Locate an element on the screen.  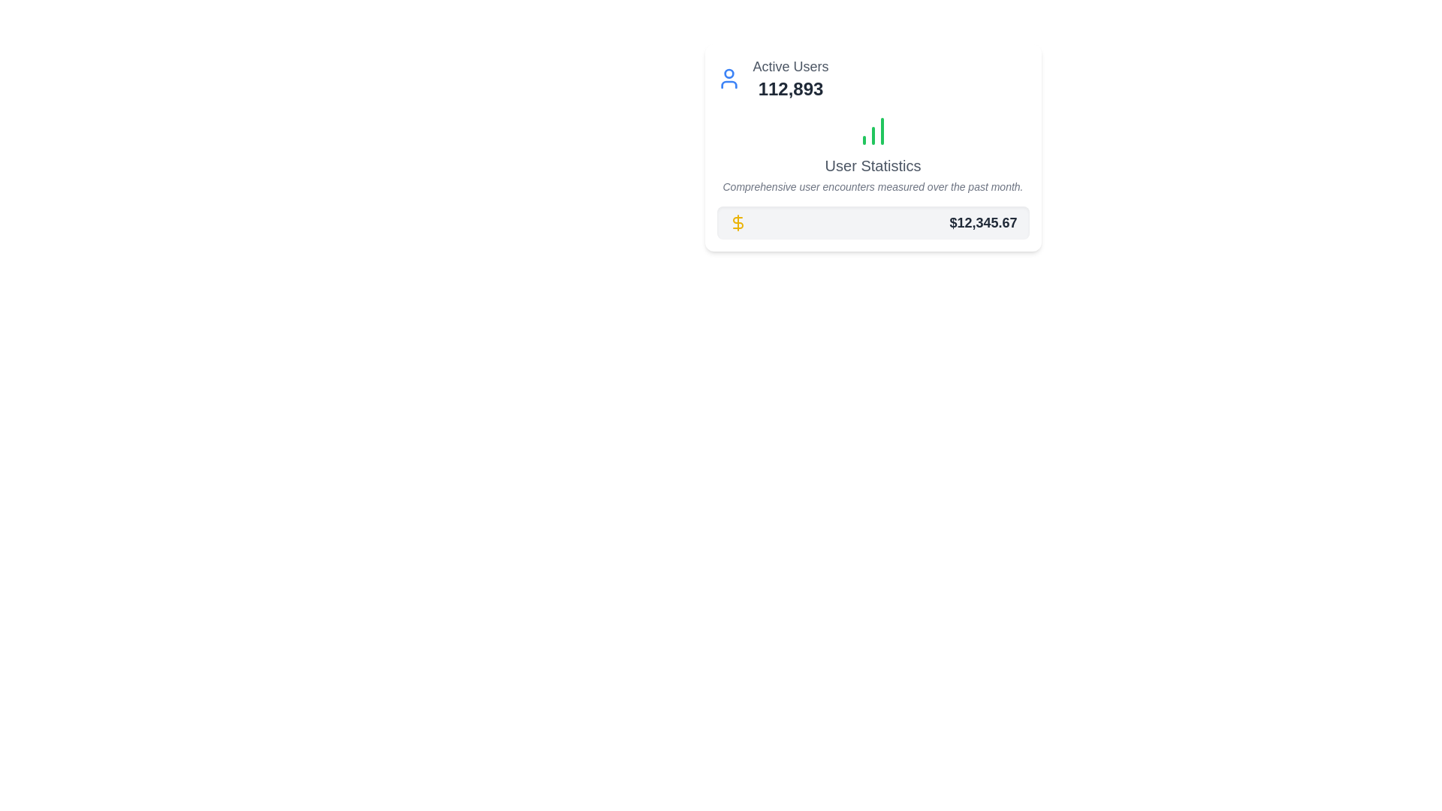
the small circle representing the head in the user profile SVG icon located near the top left corner of the statistics card is located at coordinates (729, 74).